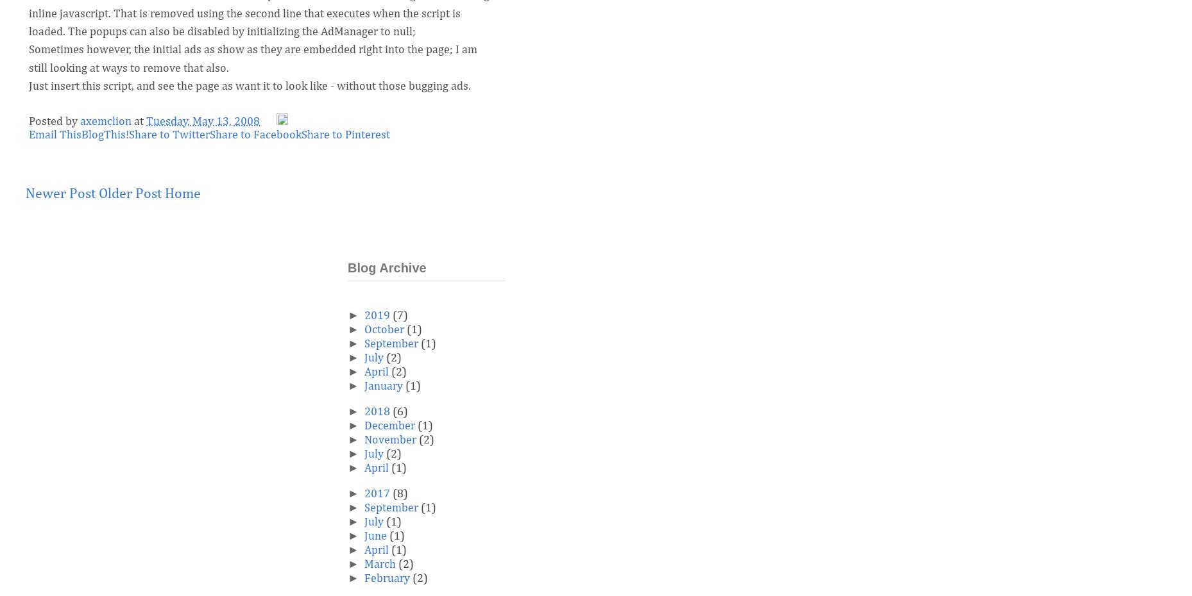 The width and height of the screenshot is (1192, 596). What do you see at coordinates (386, 267) in the screenshot?
I see `'Blog Archive'` at bounding box center [386, 267].